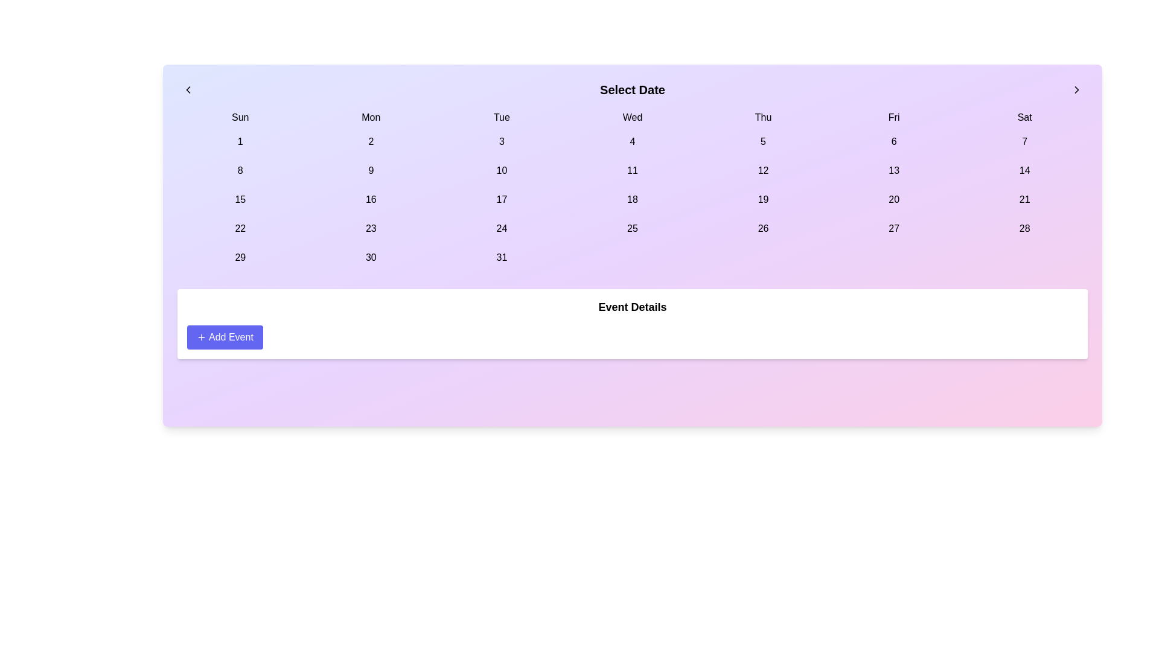 This screenshot has height=652, width=1159. What do you see at coordinates (631, 170) in the screenshot?
I see `the button displaying '11' in the calendar layout` at bounding box center [631, 170].